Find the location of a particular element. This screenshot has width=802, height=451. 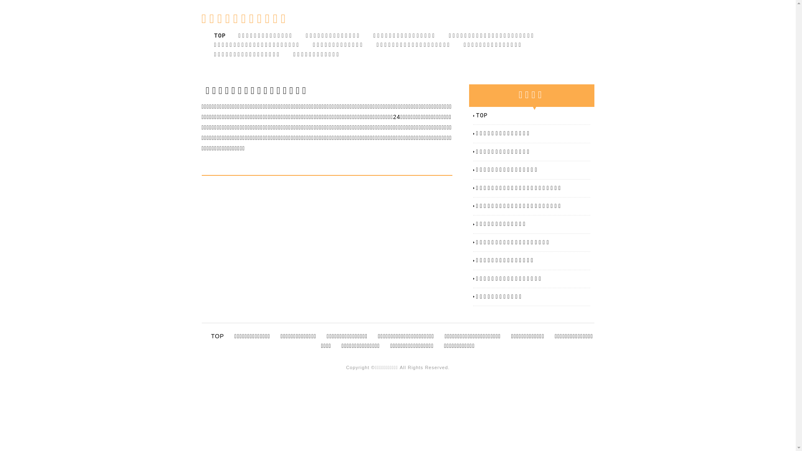

'TOP' is located at coordinates (217, 336).